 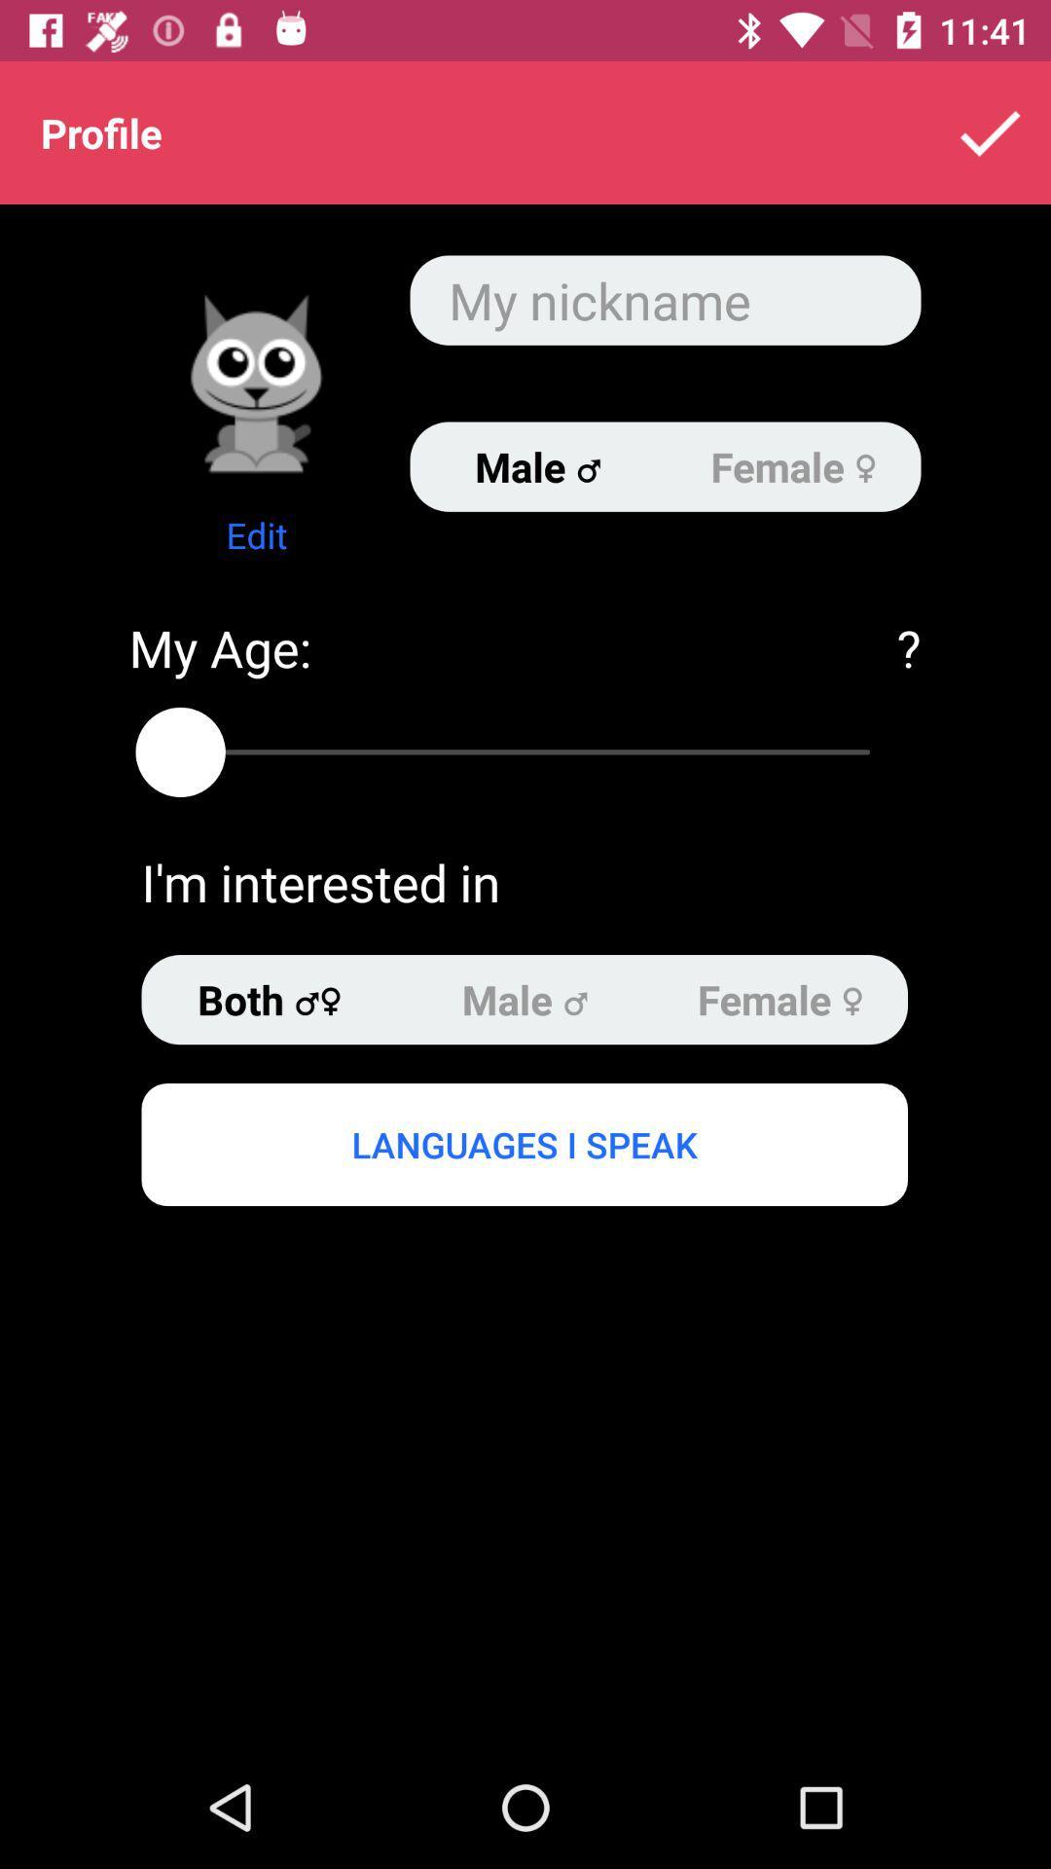 What do you see at coordinates (255, 534) in the screenshot?
I see `item above the my age: icon` at bounding box center [255, 534].